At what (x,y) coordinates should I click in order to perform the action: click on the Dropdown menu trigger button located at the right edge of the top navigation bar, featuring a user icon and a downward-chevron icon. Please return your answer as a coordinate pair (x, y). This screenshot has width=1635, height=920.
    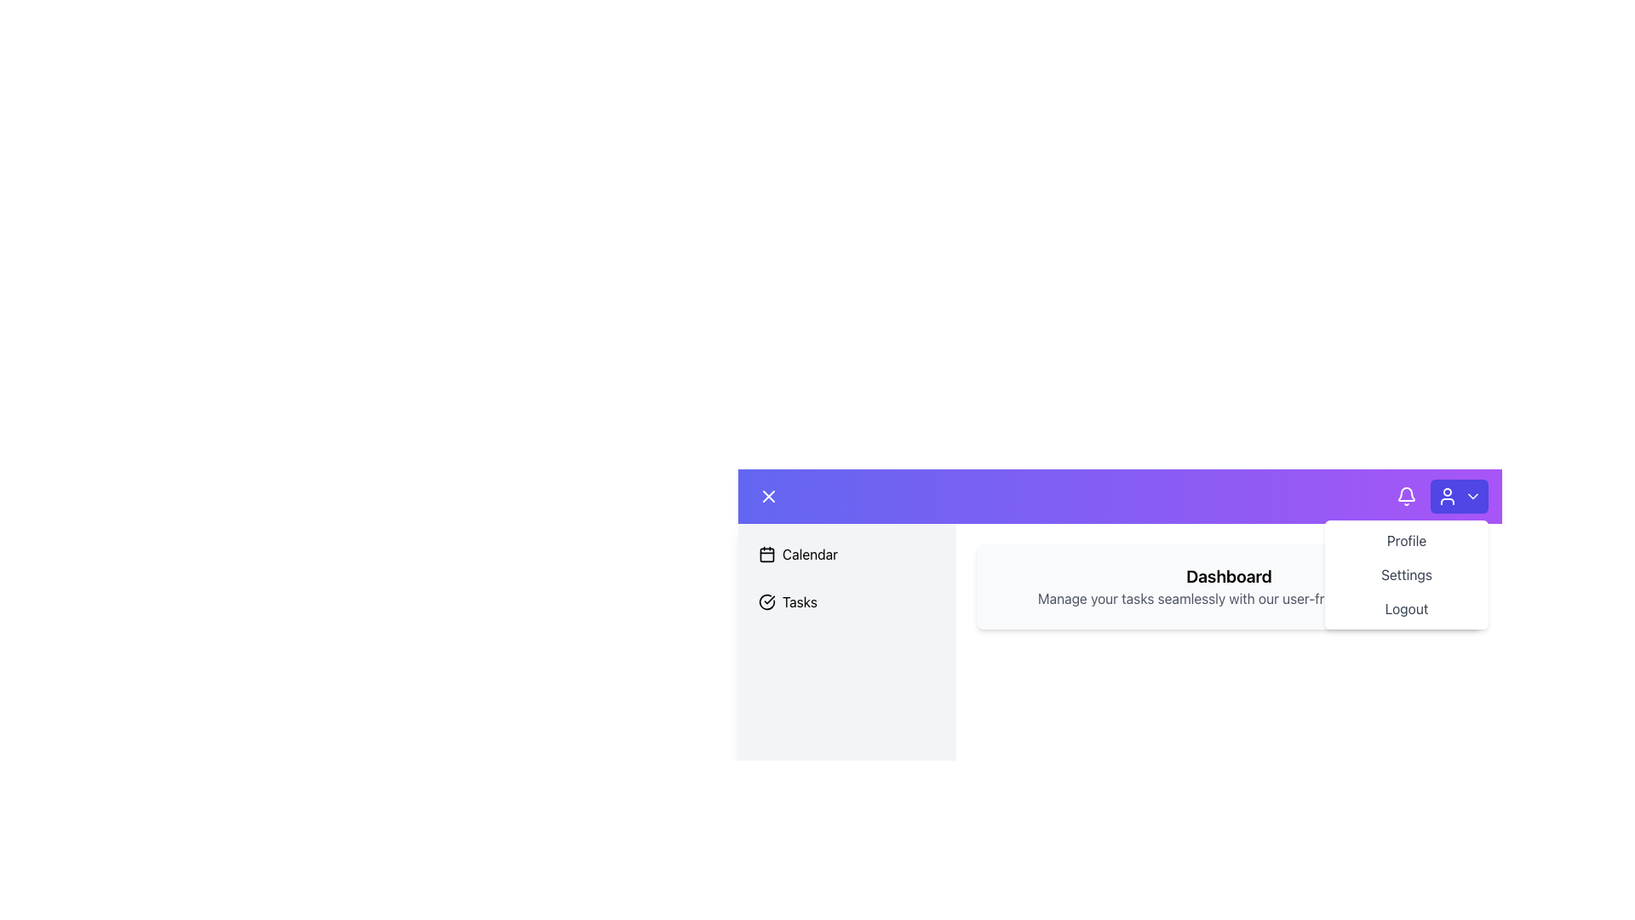
    Looking at the image, I should click on (1458, 496).